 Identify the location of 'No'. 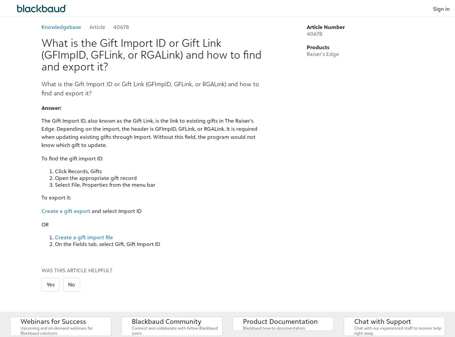
(71, 284).